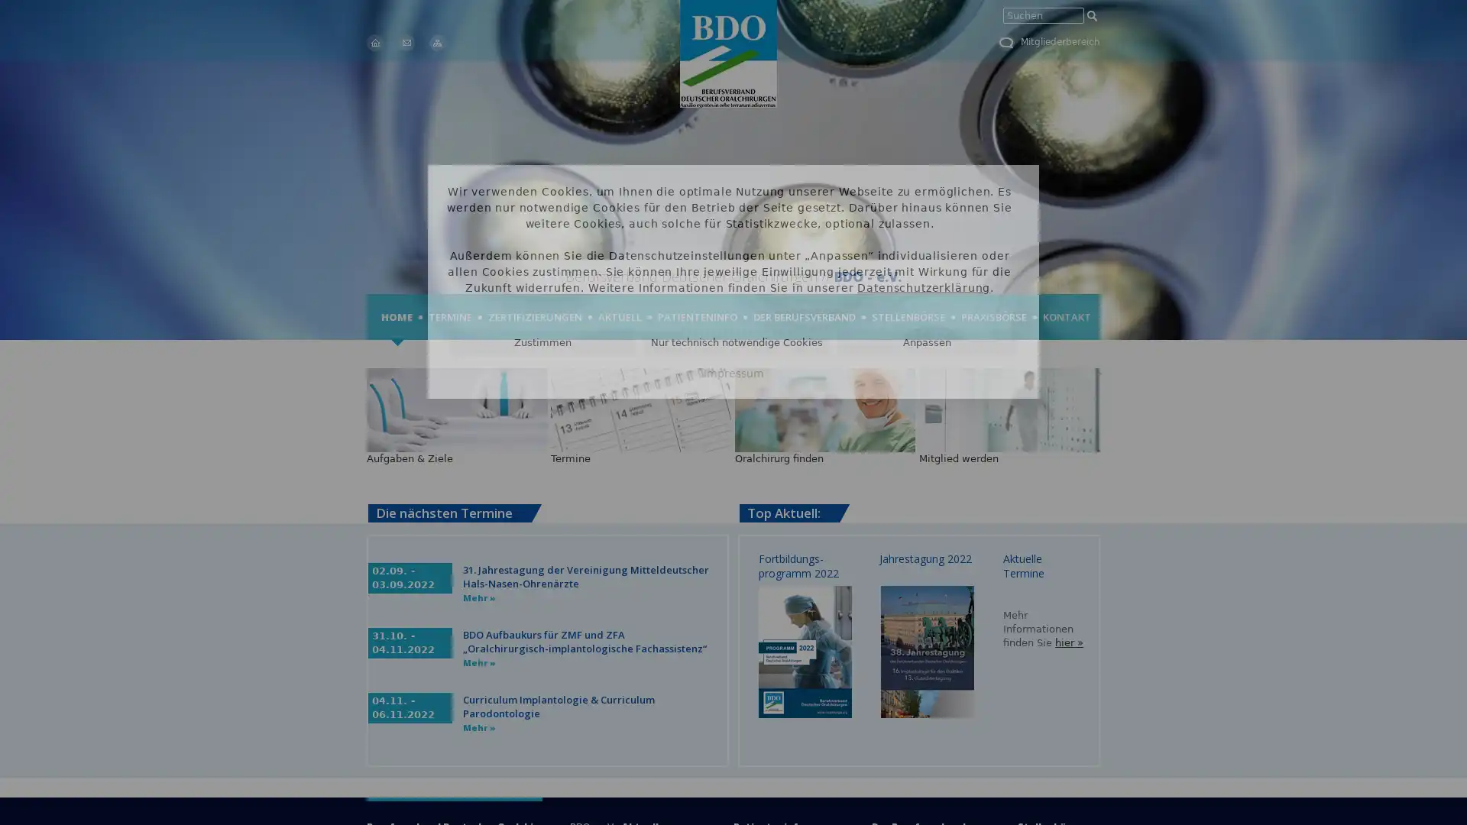 This screenshot has width=1467, height=825. Describe the element at coordinates (926, 341) in the screenshot. I see `Anpassen` at that location.